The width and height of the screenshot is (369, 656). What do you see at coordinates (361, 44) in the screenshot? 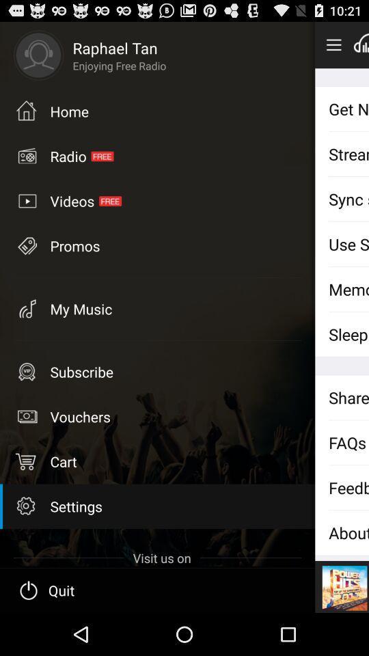
I see `speaker` at bounding box center [361, 44].